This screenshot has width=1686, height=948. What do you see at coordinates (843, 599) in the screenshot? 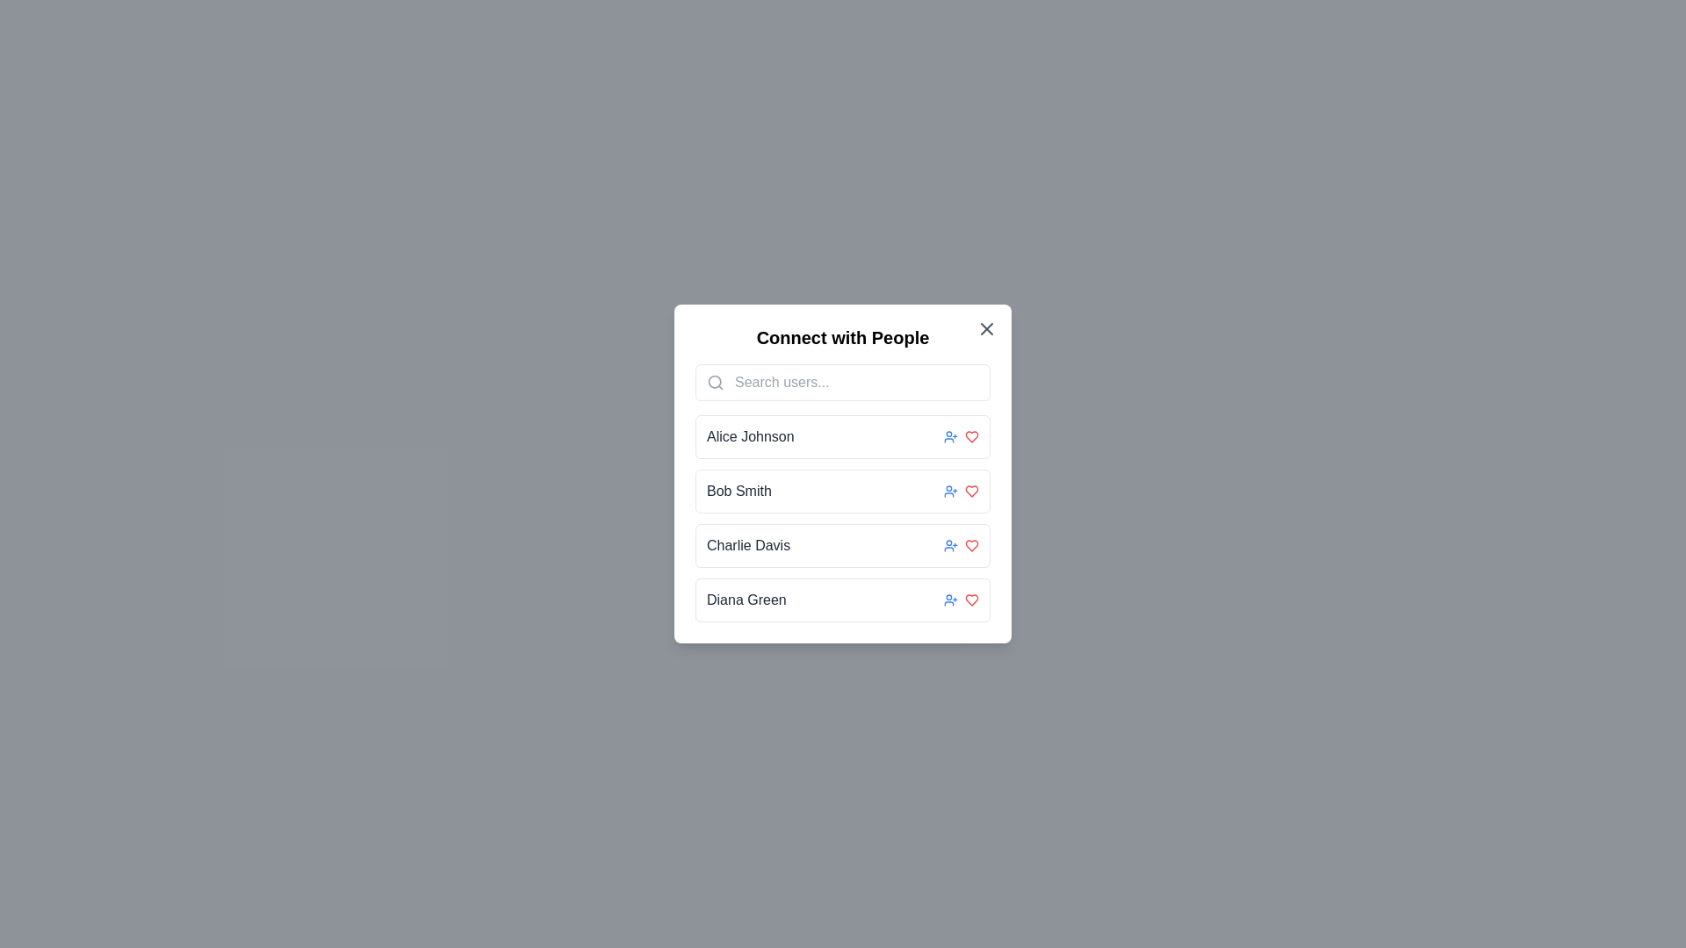
I see `the horizontal list item featuring 'Diana Green' with a white background and rounded rectangle, positioned as the fourth entry in a vertical list` at bounding box center [843, 599].